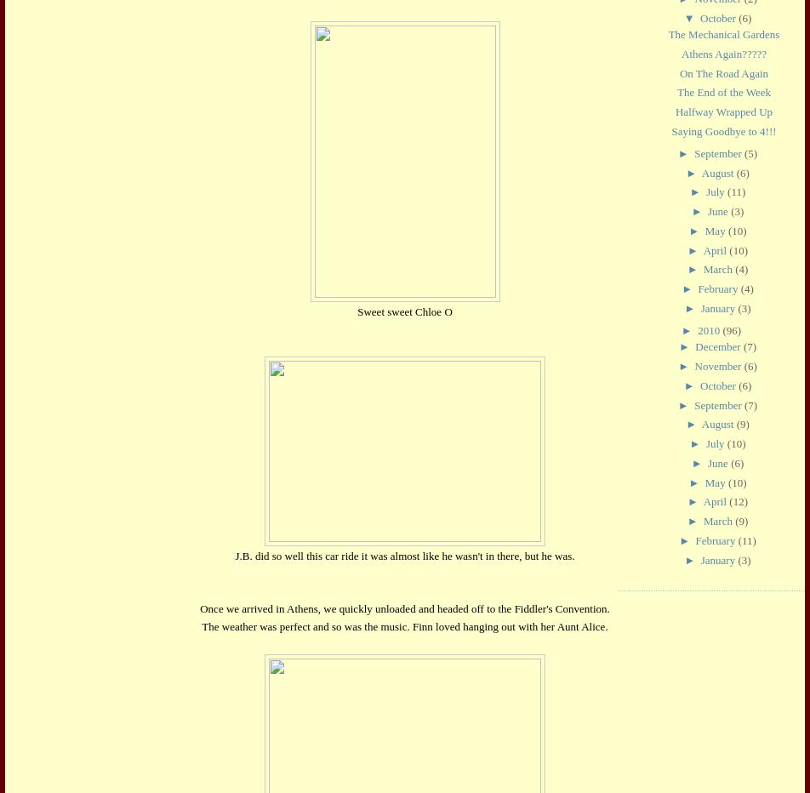  I want to click on 'Sweet sweet Chloe O', so click(404, 310).